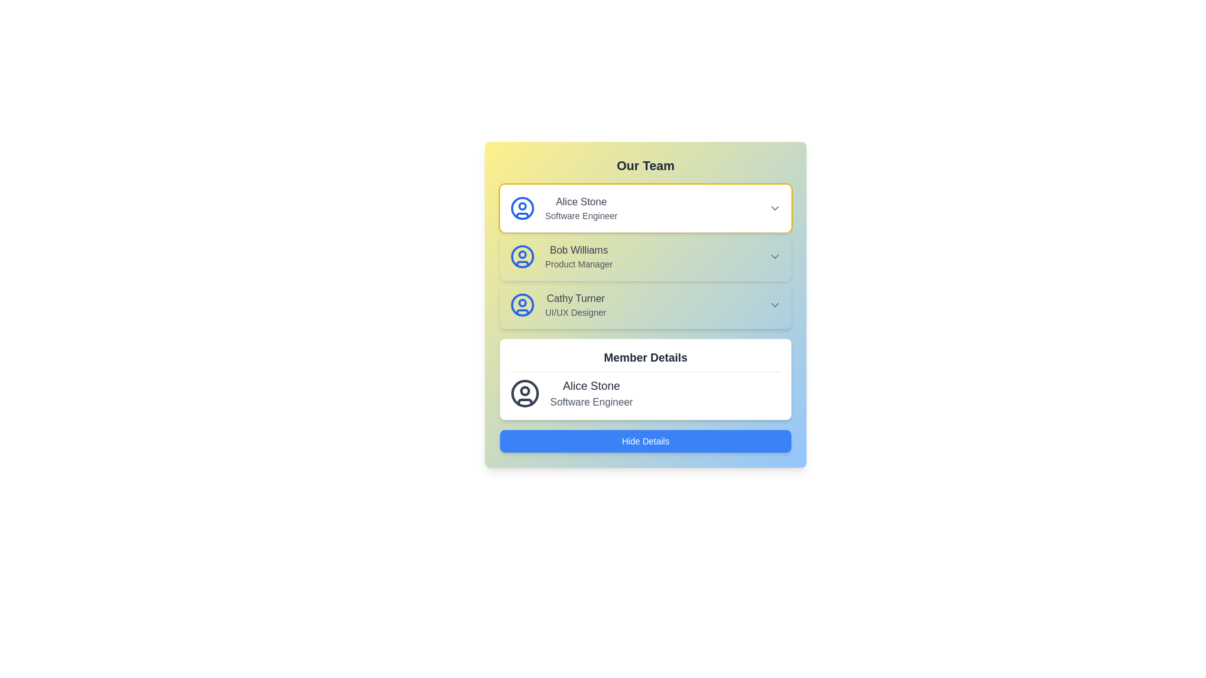 Image resolution: width=1206 pixels, height=678 pixels. I want to click on the small downwards-pointing chevron icon styled in light gray, which indicates a dropdown or expansion trigger, located on the right-hand side of the card containing the text 'Alice Stone - Software Engineer.', so click(774, 207).